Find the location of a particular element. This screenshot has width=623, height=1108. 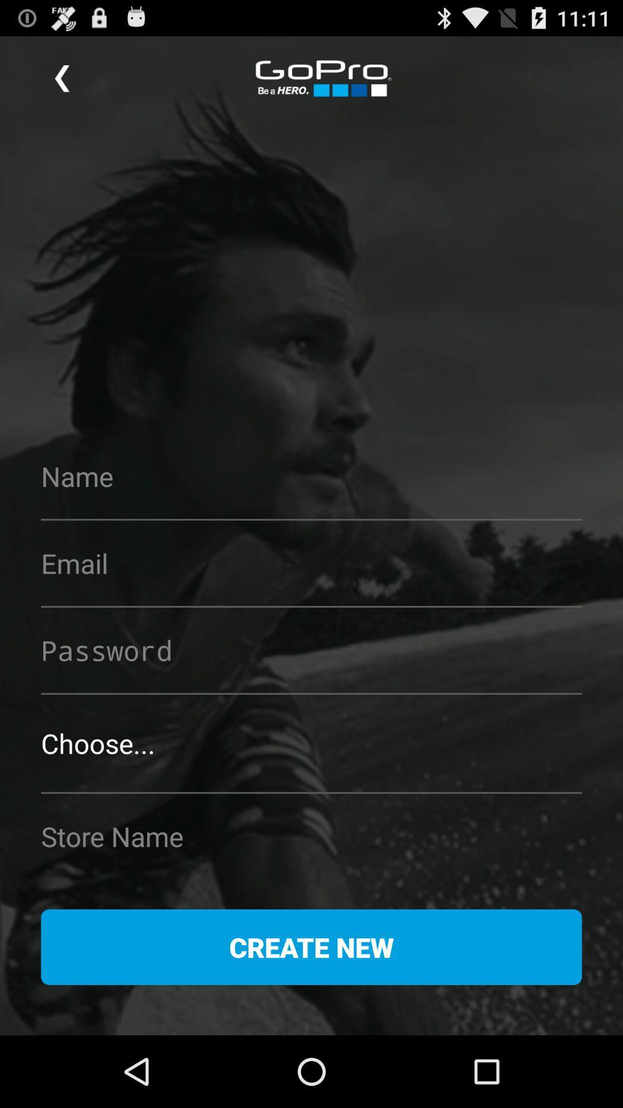

go back is located at coordinates (62, 78).